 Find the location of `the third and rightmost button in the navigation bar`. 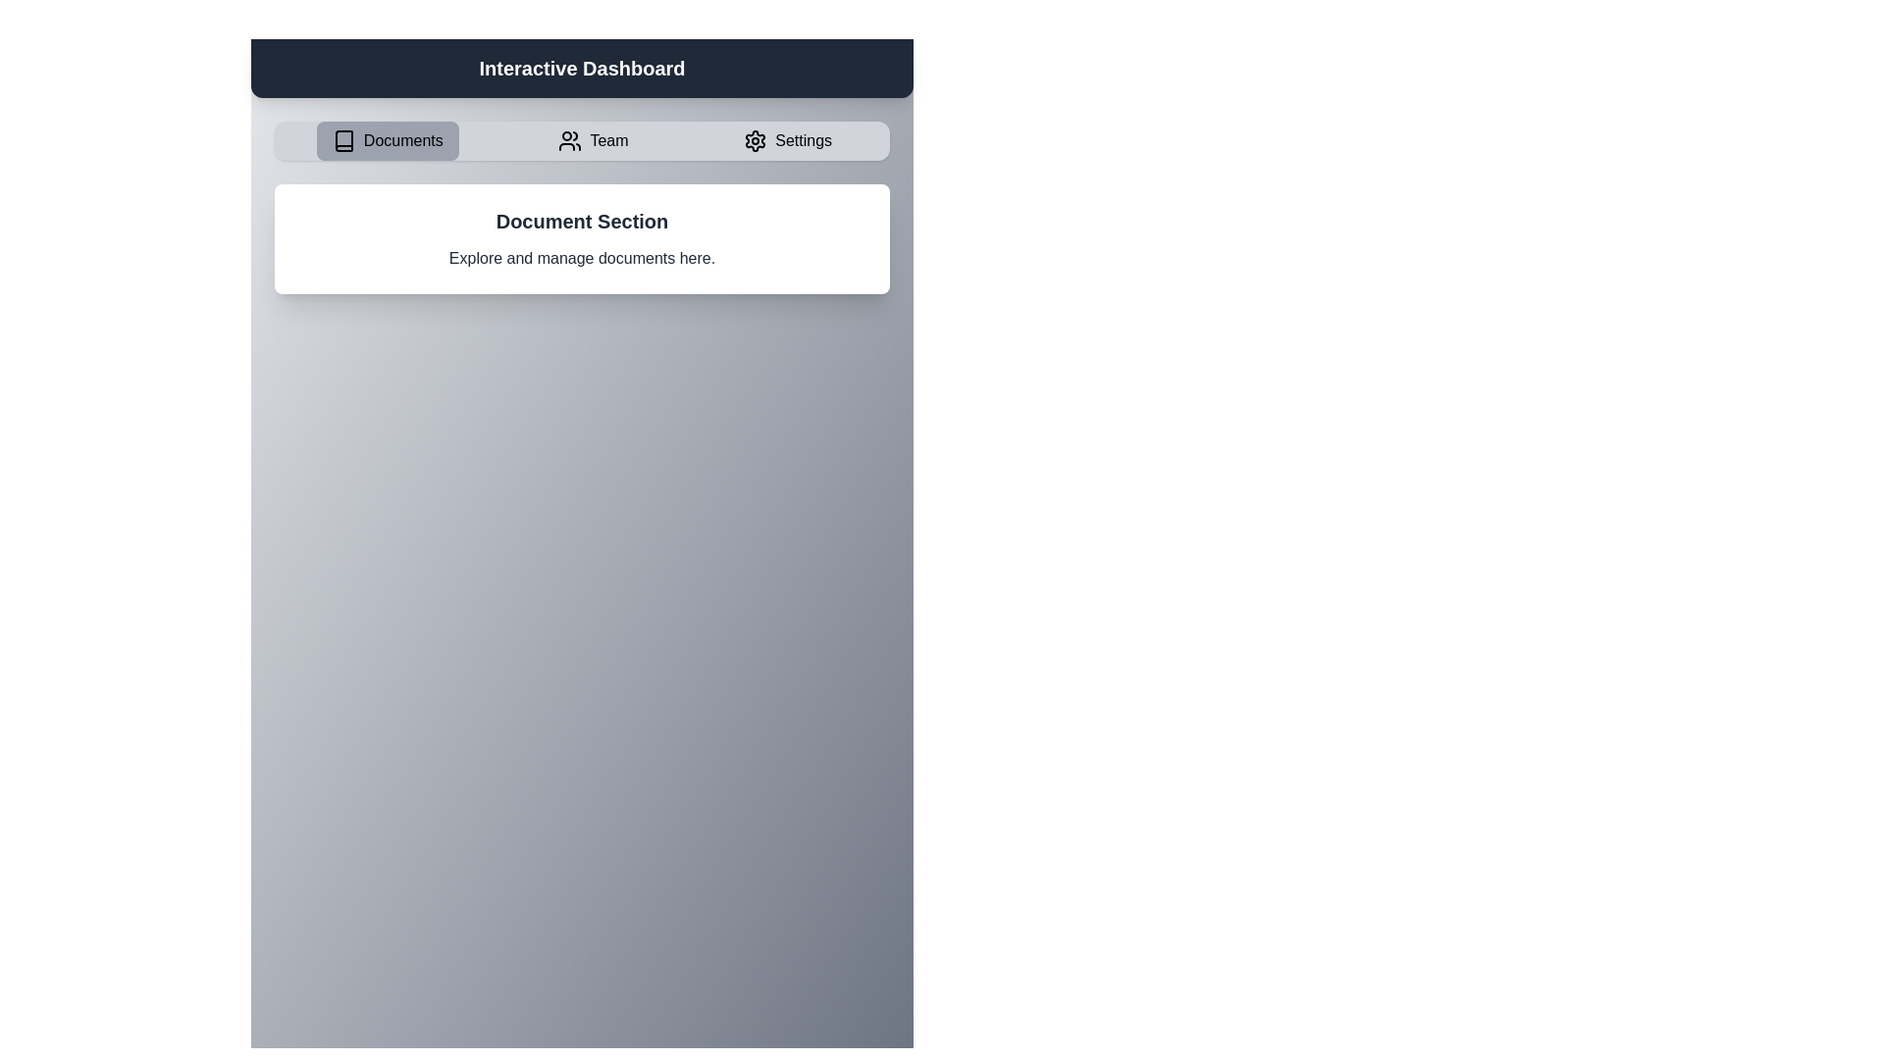

the third and rightmost button in the navigation bar is located at coordinates (788, 139).